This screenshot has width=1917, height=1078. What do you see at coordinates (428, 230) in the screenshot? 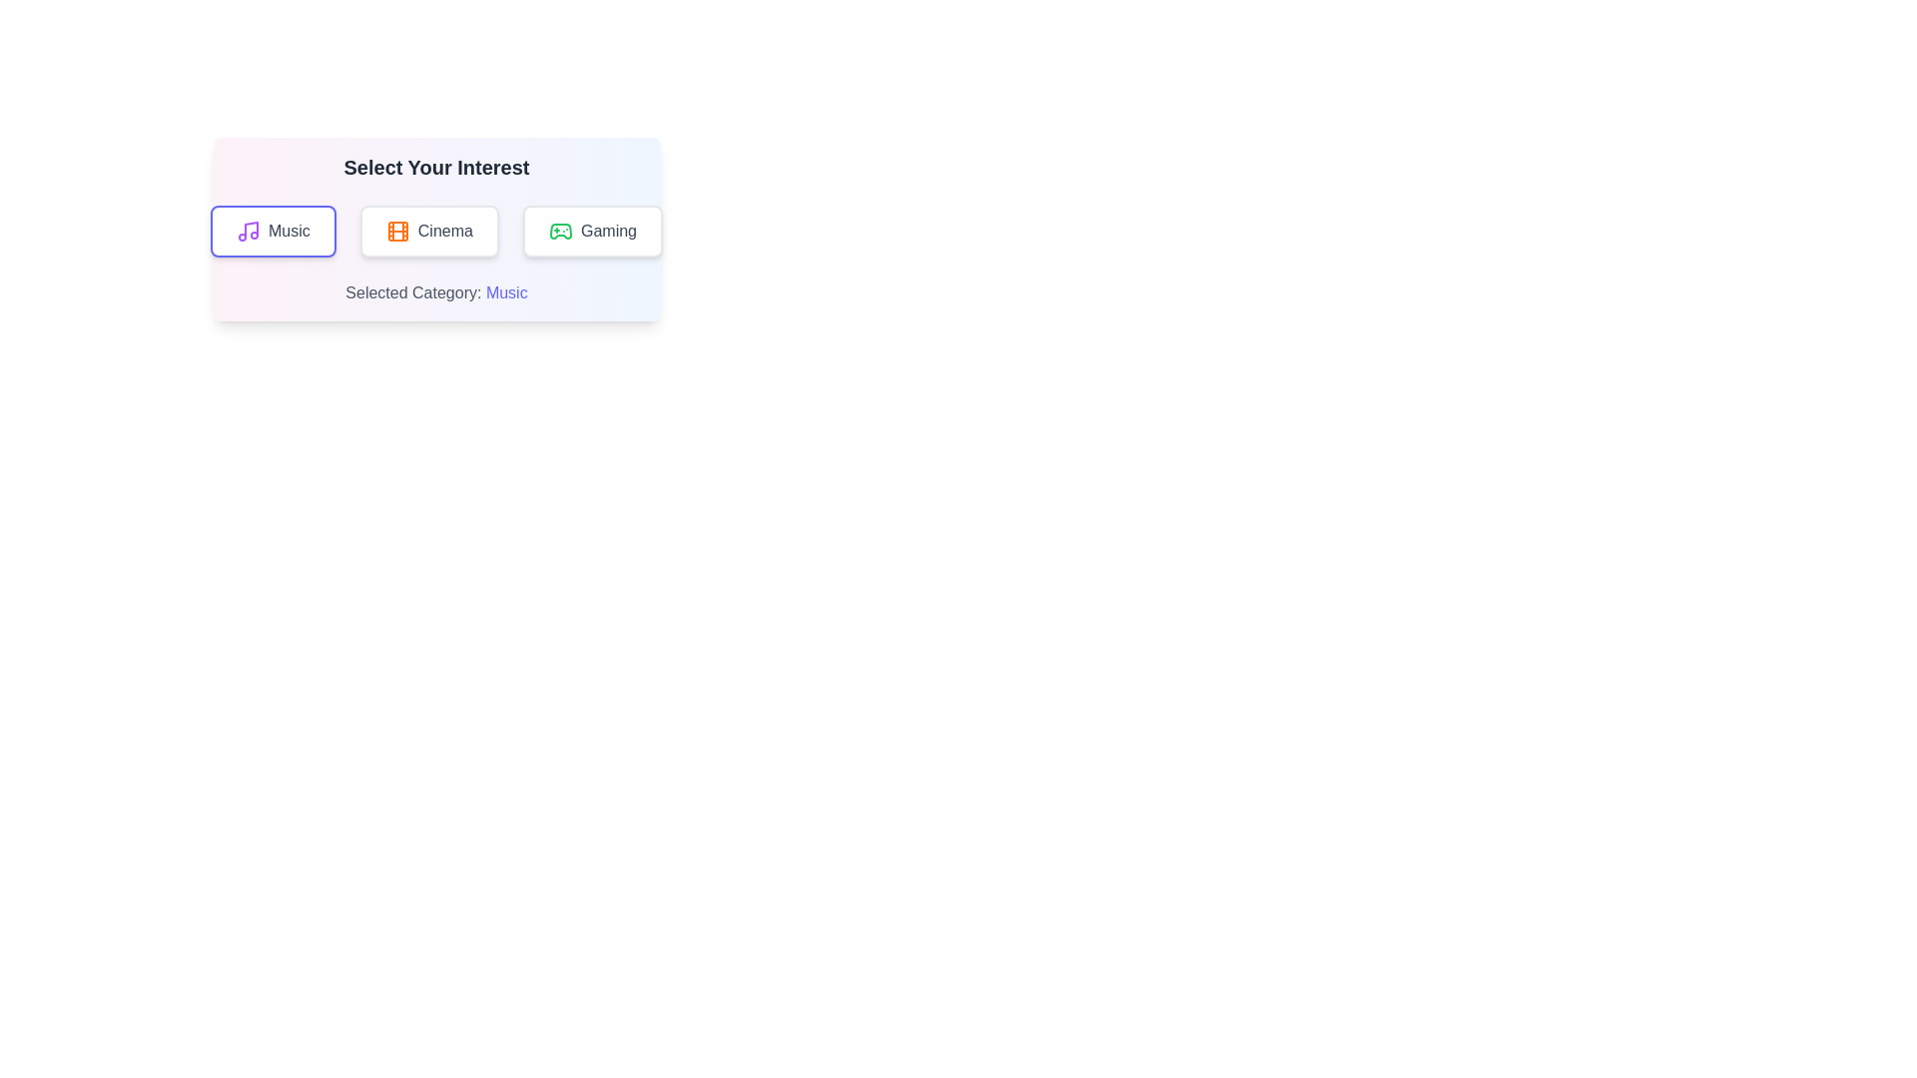
I see `the button labeled Cinema to view its hover effect` at bounding box center [428, 230].